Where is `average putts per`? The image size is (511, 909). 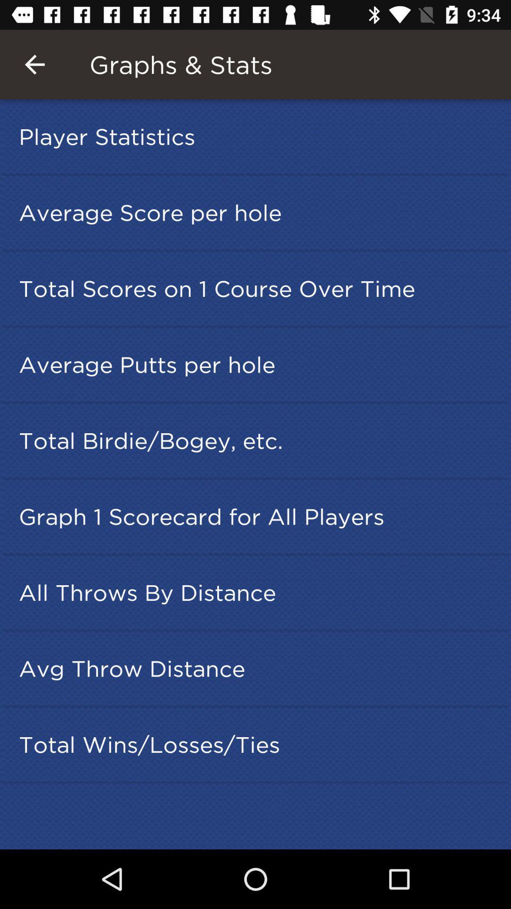 average putts per is located at coordinates (258, 364).